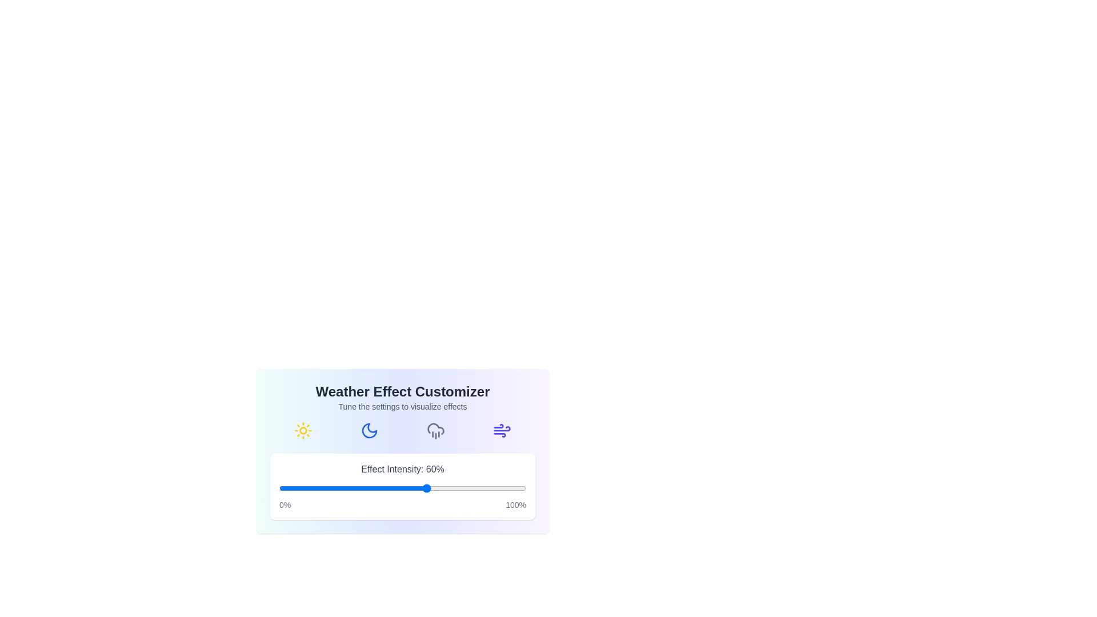 This screenshot has height=617, width=1097. Describe the element at coordinates (515, 504) in the screenshot. I see `the text label displaying '100%' in gray font located at the bottom-right corner of the card interface` at that location.